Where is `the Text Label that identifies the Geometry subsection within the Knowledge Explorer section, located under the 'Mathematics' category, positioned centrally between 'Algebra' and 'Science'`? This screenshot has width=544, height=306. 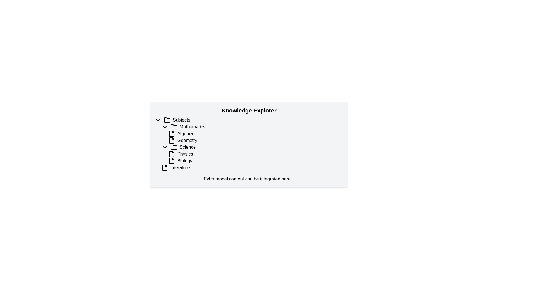
the Text Label that identifies the Geometry subsection within the Knowledge Explorer section, located under the 'Mathematics' category, positioned centrally between 'Algebra' and 'Science' is located at coordinates (187, 140).